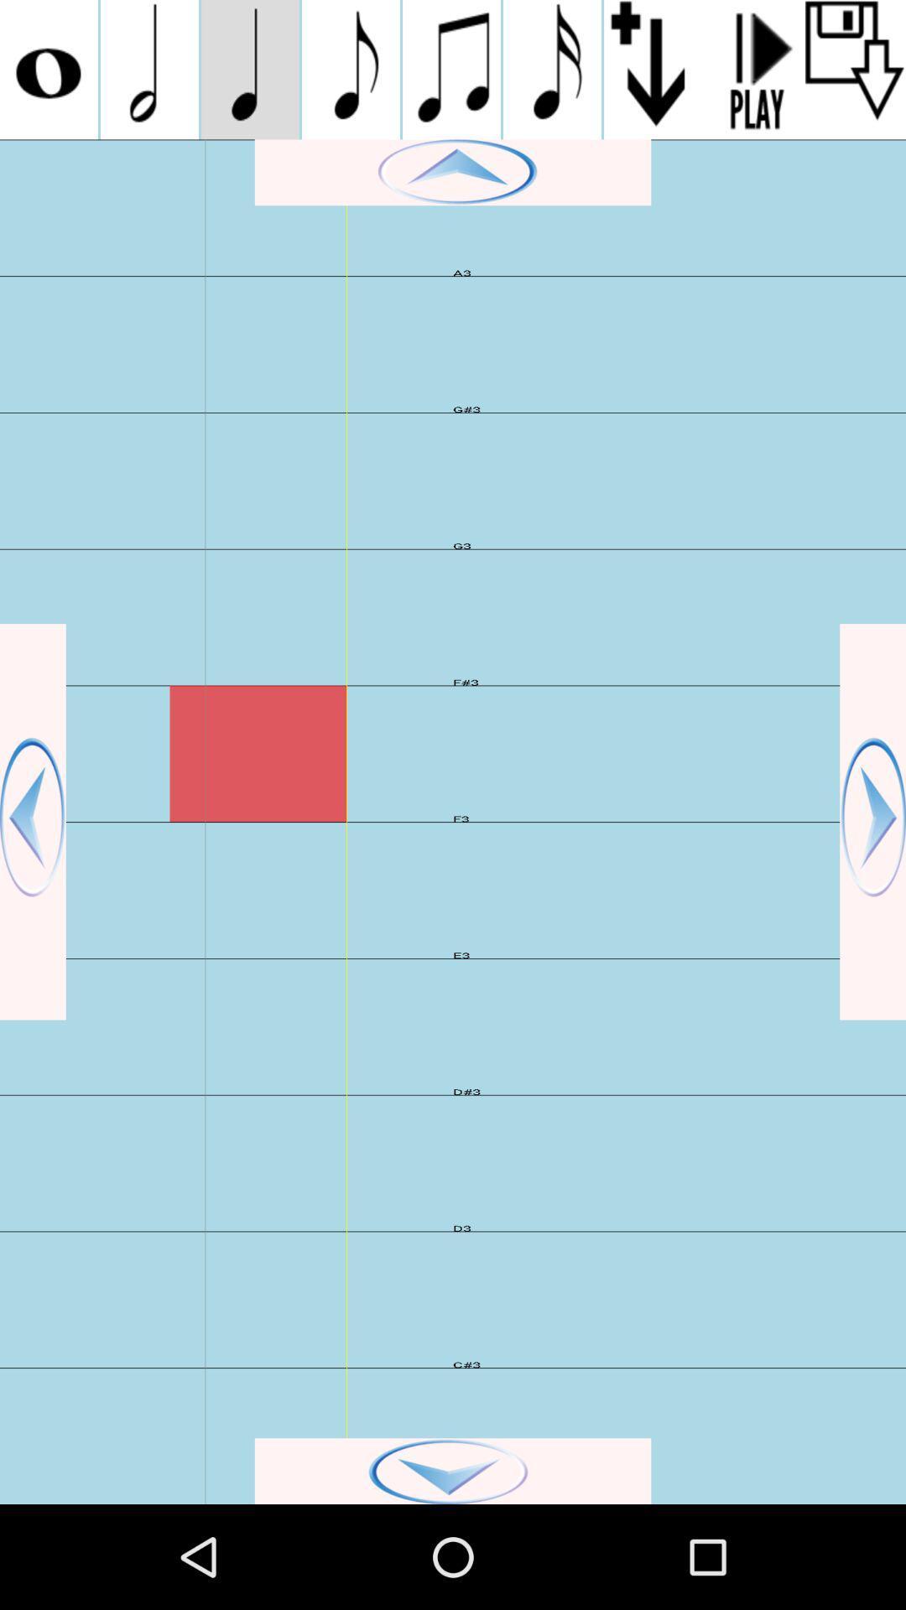 This screenshot has width=906, height=1610. What do you see at coordinates (453, 172) in the screenshot?
I see `go up` at bounding box center [453, 172].